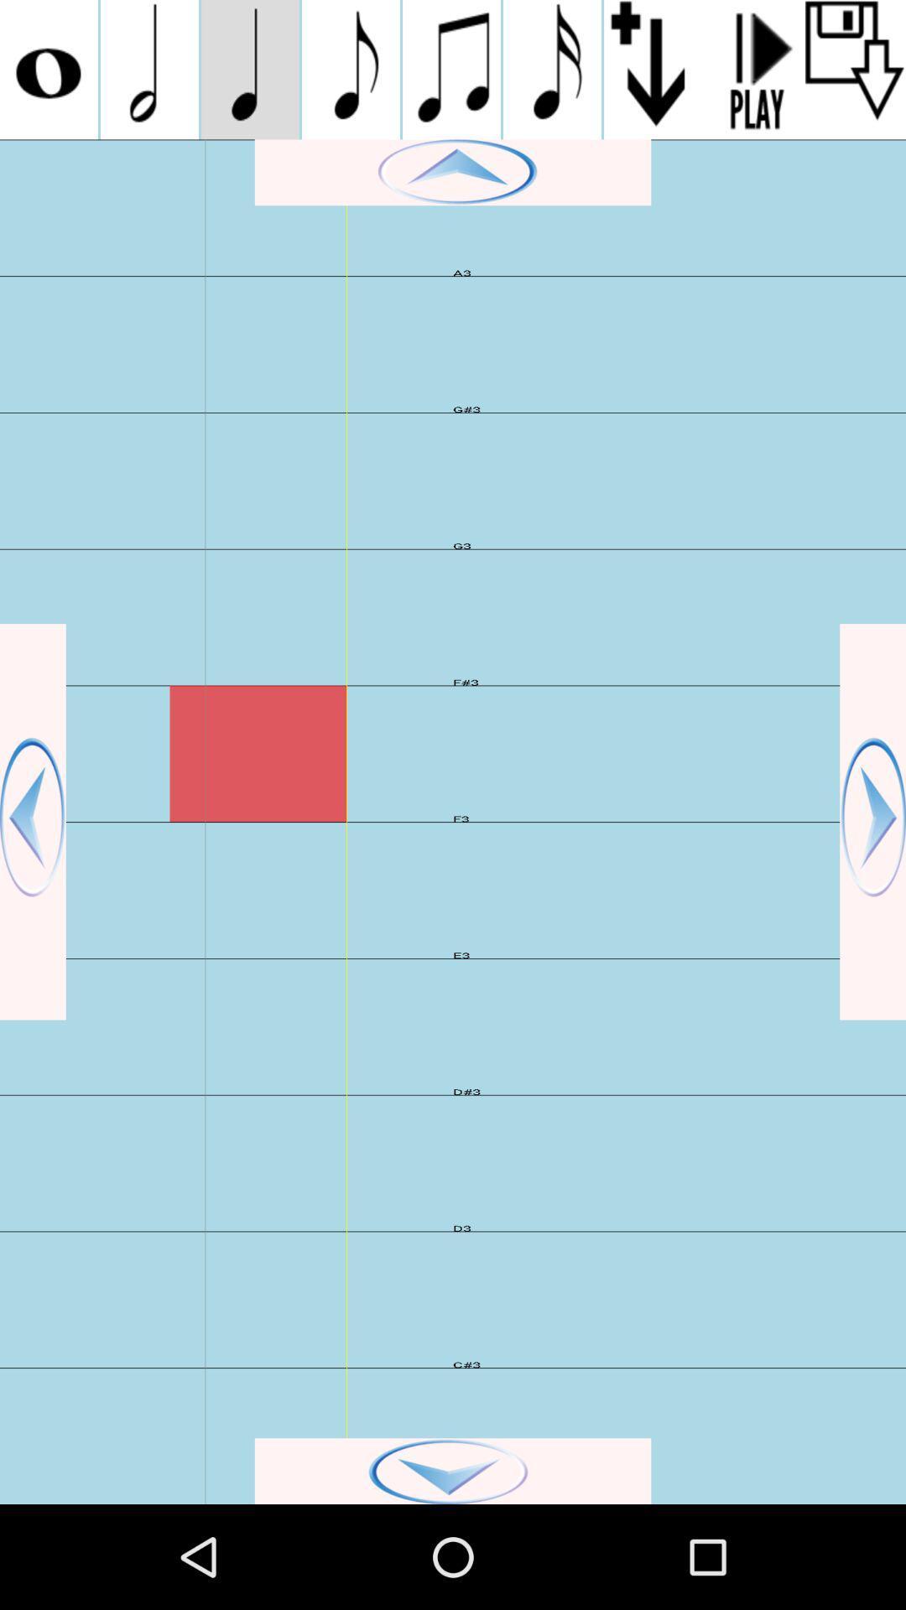 This screenshot has width=906, height=1610. What do you see at coordinates (453, 172) in the screenshot?
I see `go up` at bounding box center [453, 172].